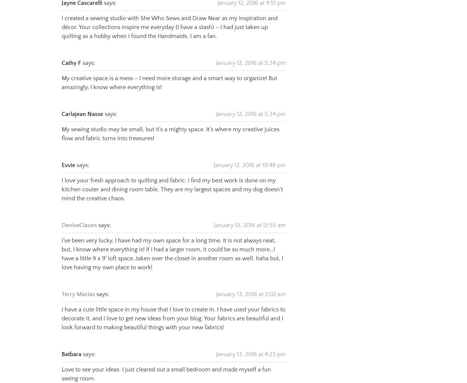 Image resolution: width=467 pixels, height=383 pixels. Describe the element at coordinates (169, 73) in the screenshot. I see `'My creative space is a mess – I need more storage and a smart way to organize! But amazingly, I know where everything is!'` at that location.